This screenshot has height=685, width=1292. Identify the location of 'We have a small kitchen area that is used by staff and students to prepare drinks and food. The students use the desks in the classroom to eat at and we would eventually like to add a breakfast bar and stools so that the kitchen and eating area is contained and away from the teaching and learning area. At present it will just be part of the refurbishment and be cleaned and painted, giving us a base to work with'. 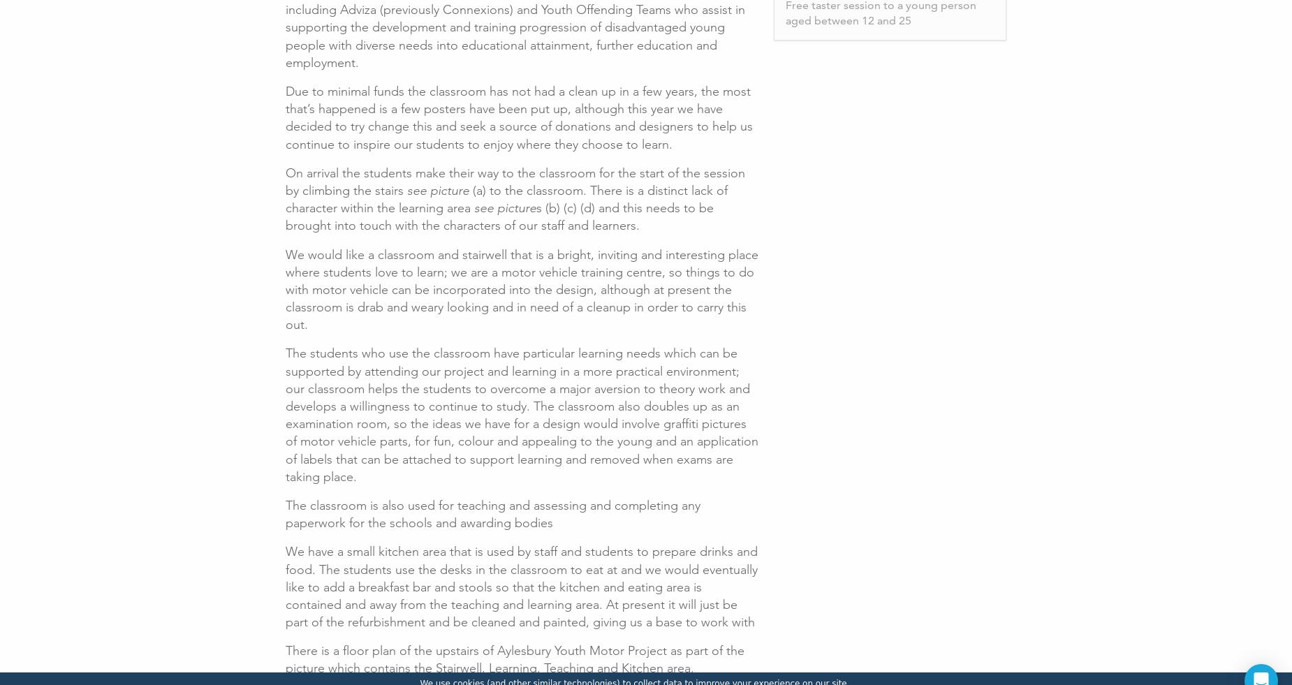
(522, 587).